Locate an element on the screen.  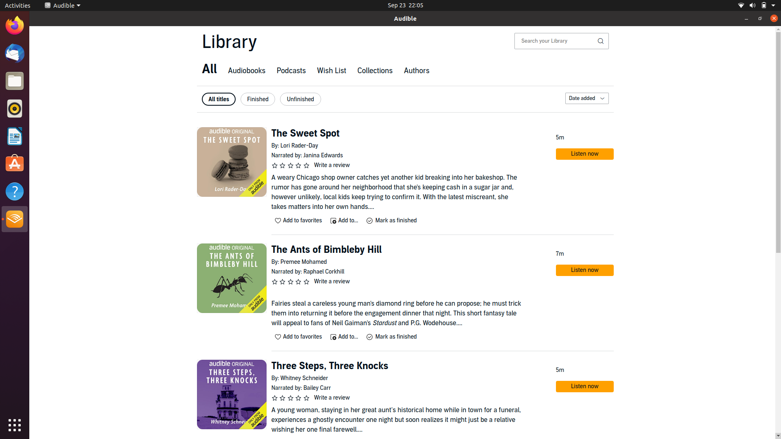
Move to "Authors" menu is located at coordinates (416, 71).